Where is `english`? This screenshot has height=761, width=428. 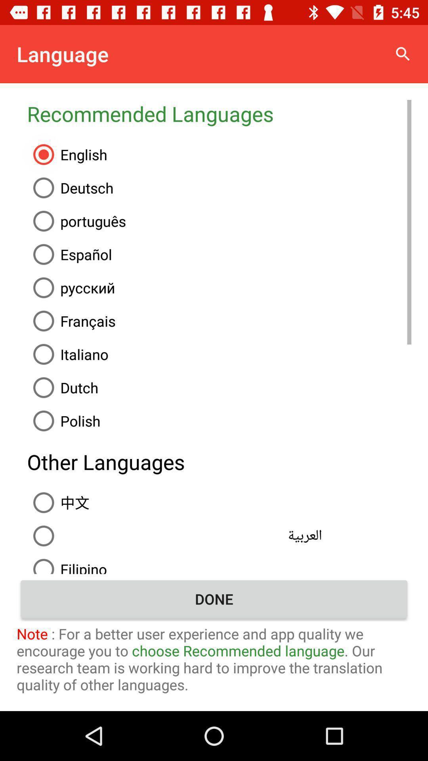
english is located at coordinates (219, 154).